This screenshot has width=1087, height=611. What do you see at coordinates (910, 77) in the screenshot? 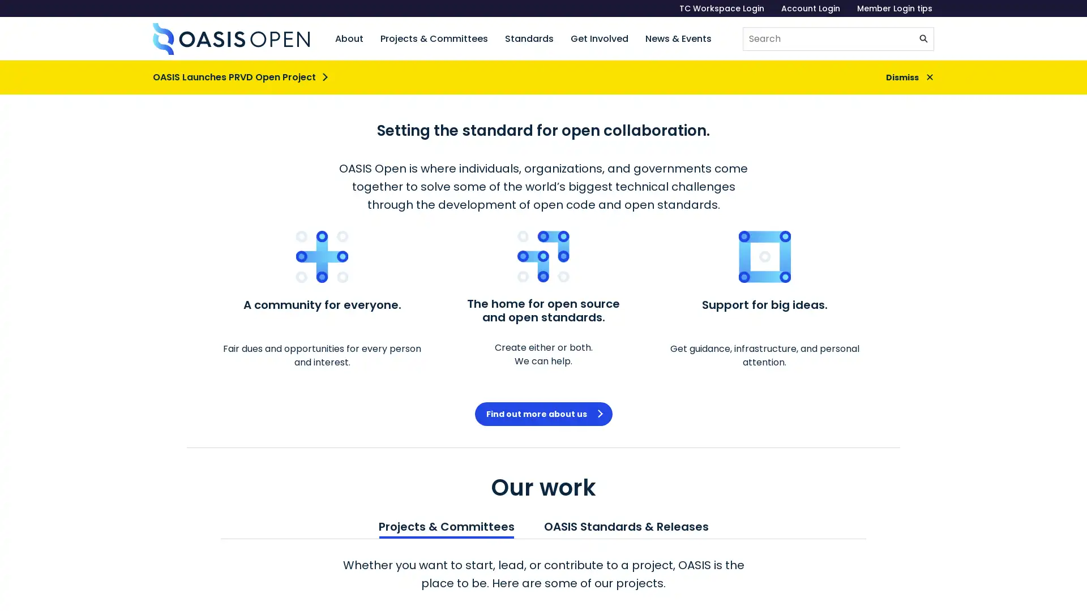
I see `Dismiss` at bounding box center [910, 77].